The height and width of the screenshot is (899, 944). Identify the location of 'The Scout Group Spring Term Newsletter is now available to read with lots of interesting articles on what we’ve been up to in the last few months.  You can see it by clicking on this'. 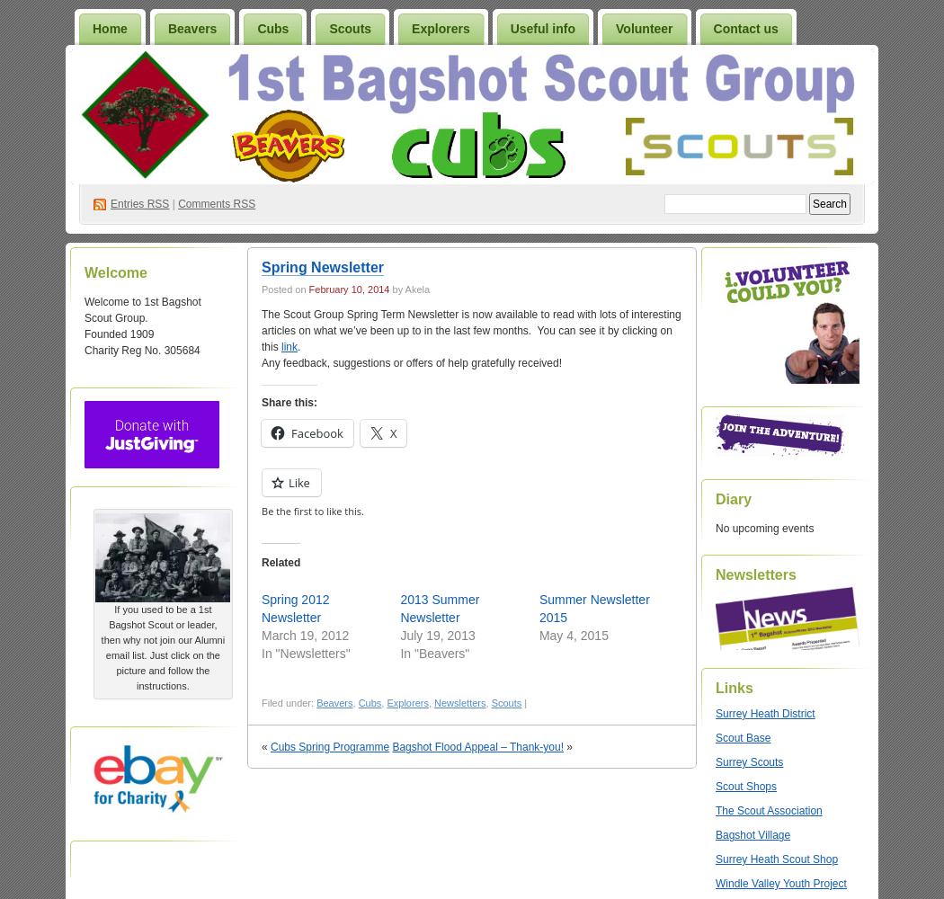
(469, 330).